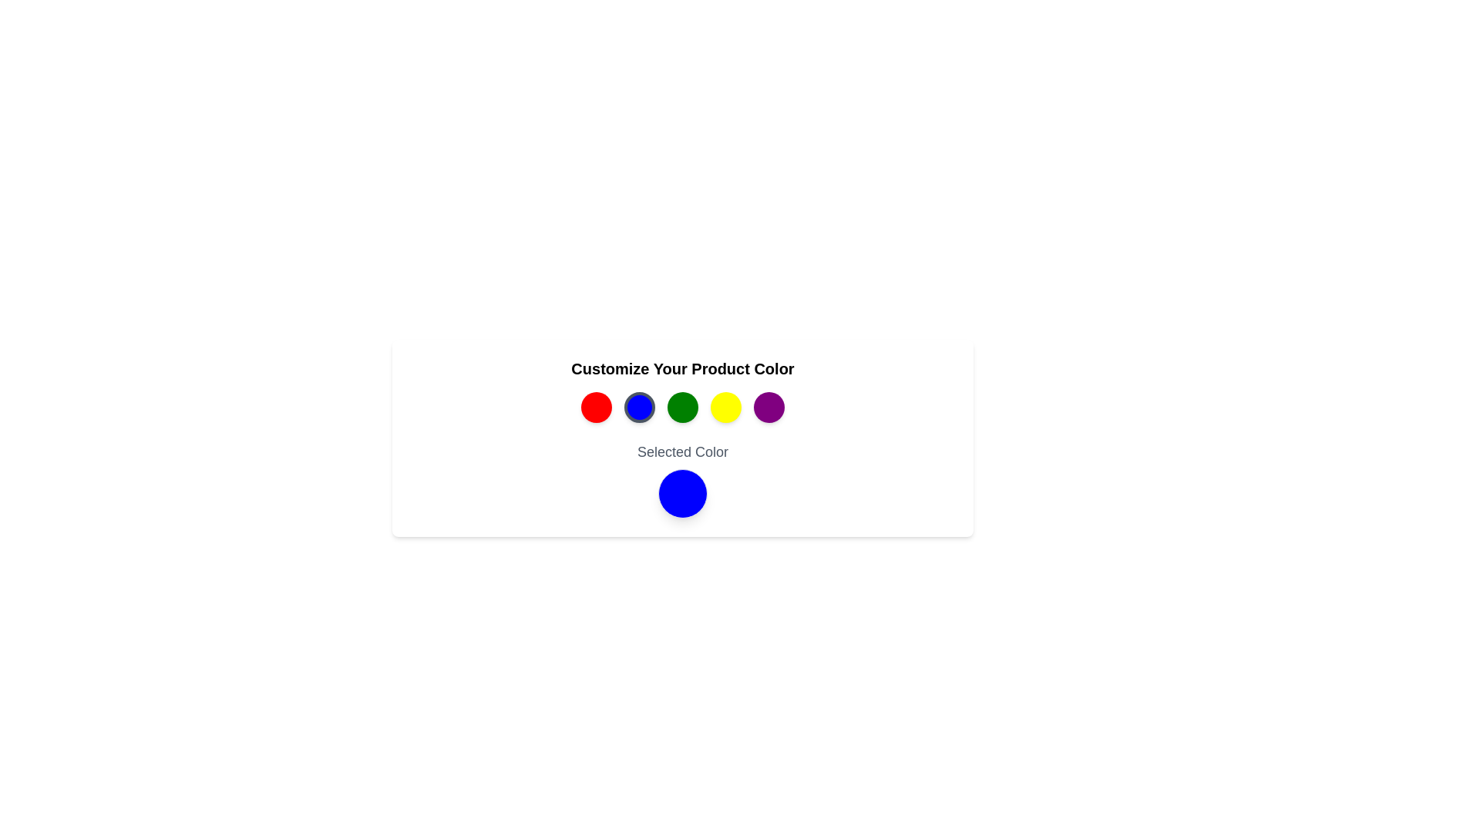 The height and width of the screenshot is (832, 1480). What do you see at coordinates (595, 406) in the screenshot?
I see `the color button corresponding to red` at bounding box center [595, 406].